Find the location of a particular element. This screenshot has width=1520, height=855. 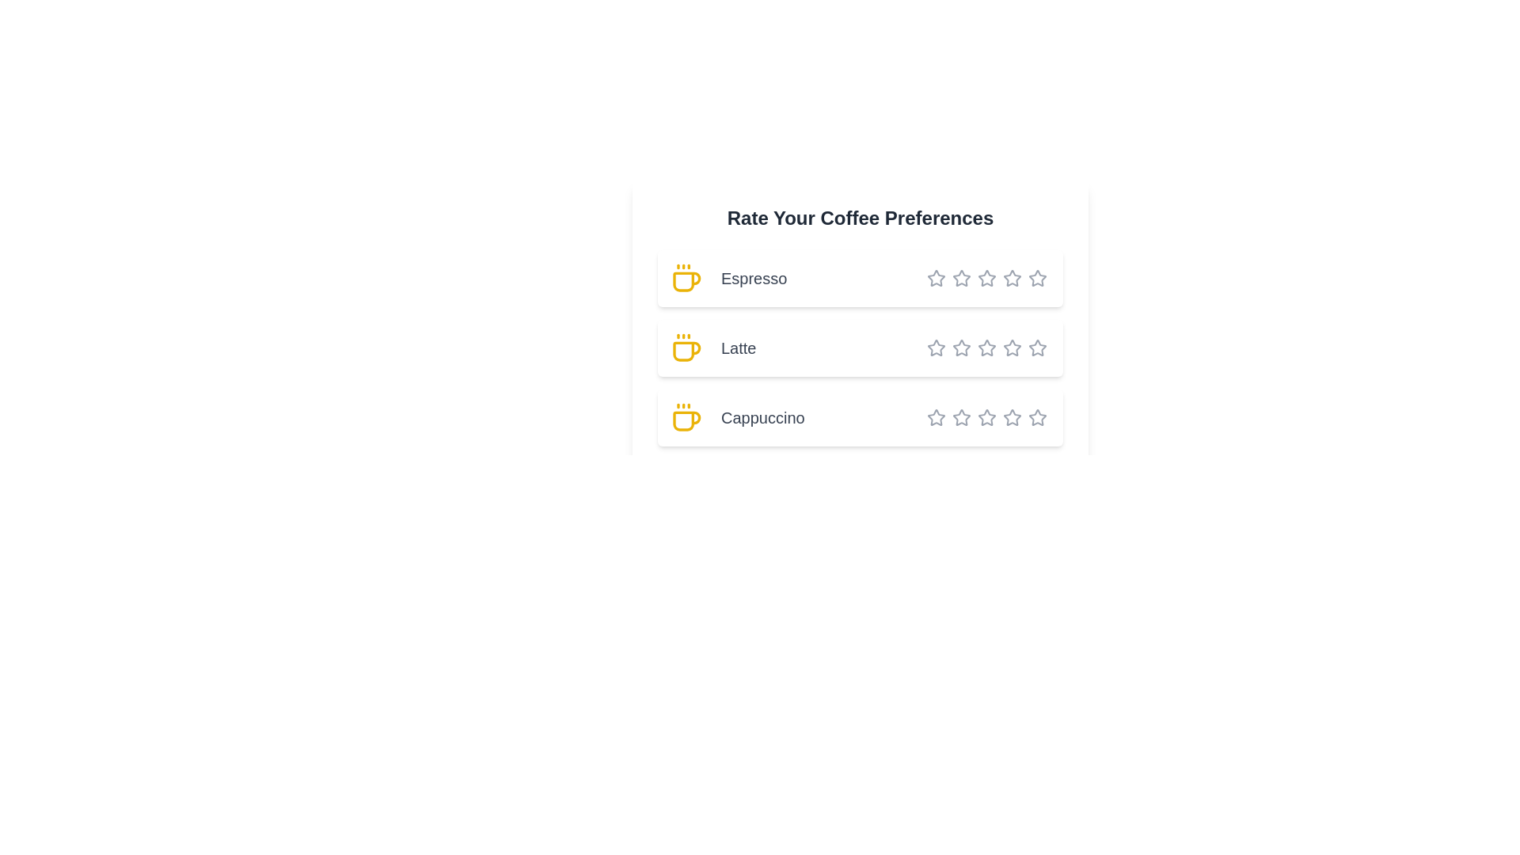

the star corresponding to 3 stars for the coffee type Espresso is located at coordinates (967, 277).